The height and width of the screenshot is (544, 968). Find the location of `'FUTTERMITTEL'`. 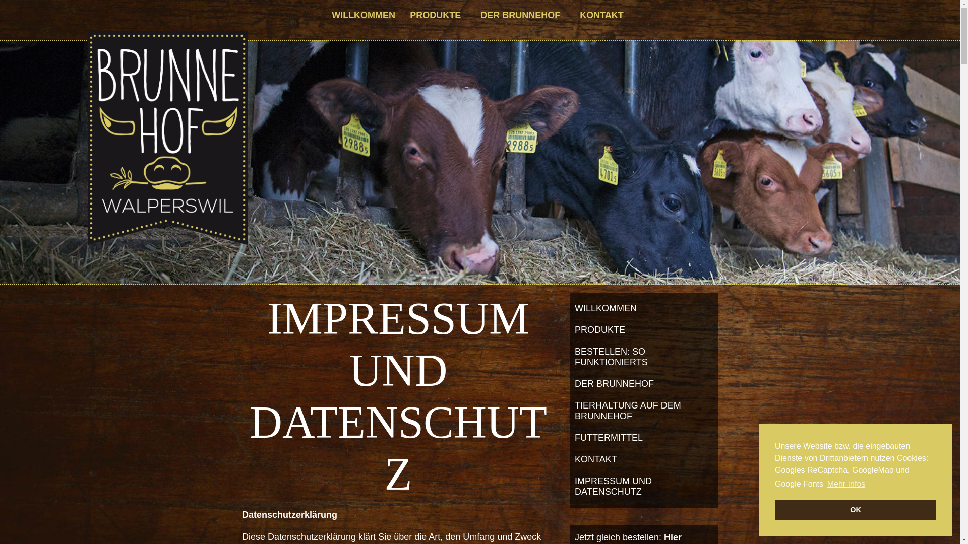

'FUTTERMITTEL' is located at coordinates (643, 437).